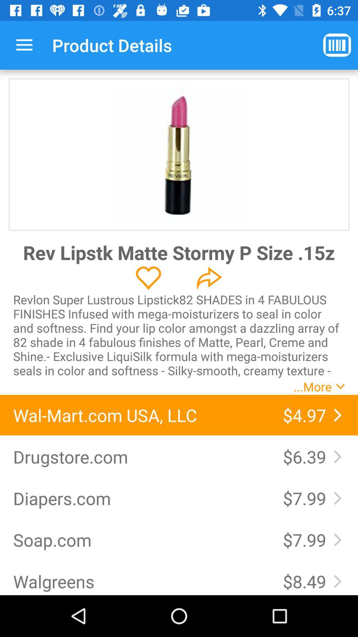 This screenshot has width=358, height=637. I want to click on the redo icon, so click(209, 278).